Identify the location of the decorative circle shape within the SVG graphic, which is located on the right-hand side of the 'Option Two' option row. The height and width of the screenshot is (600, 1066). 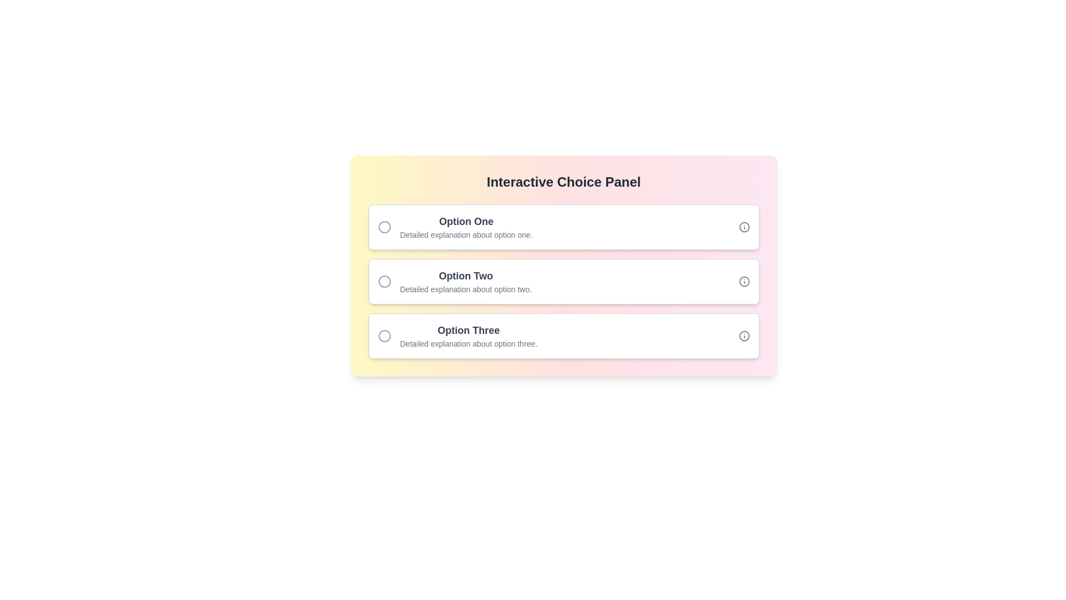
(744, 281).